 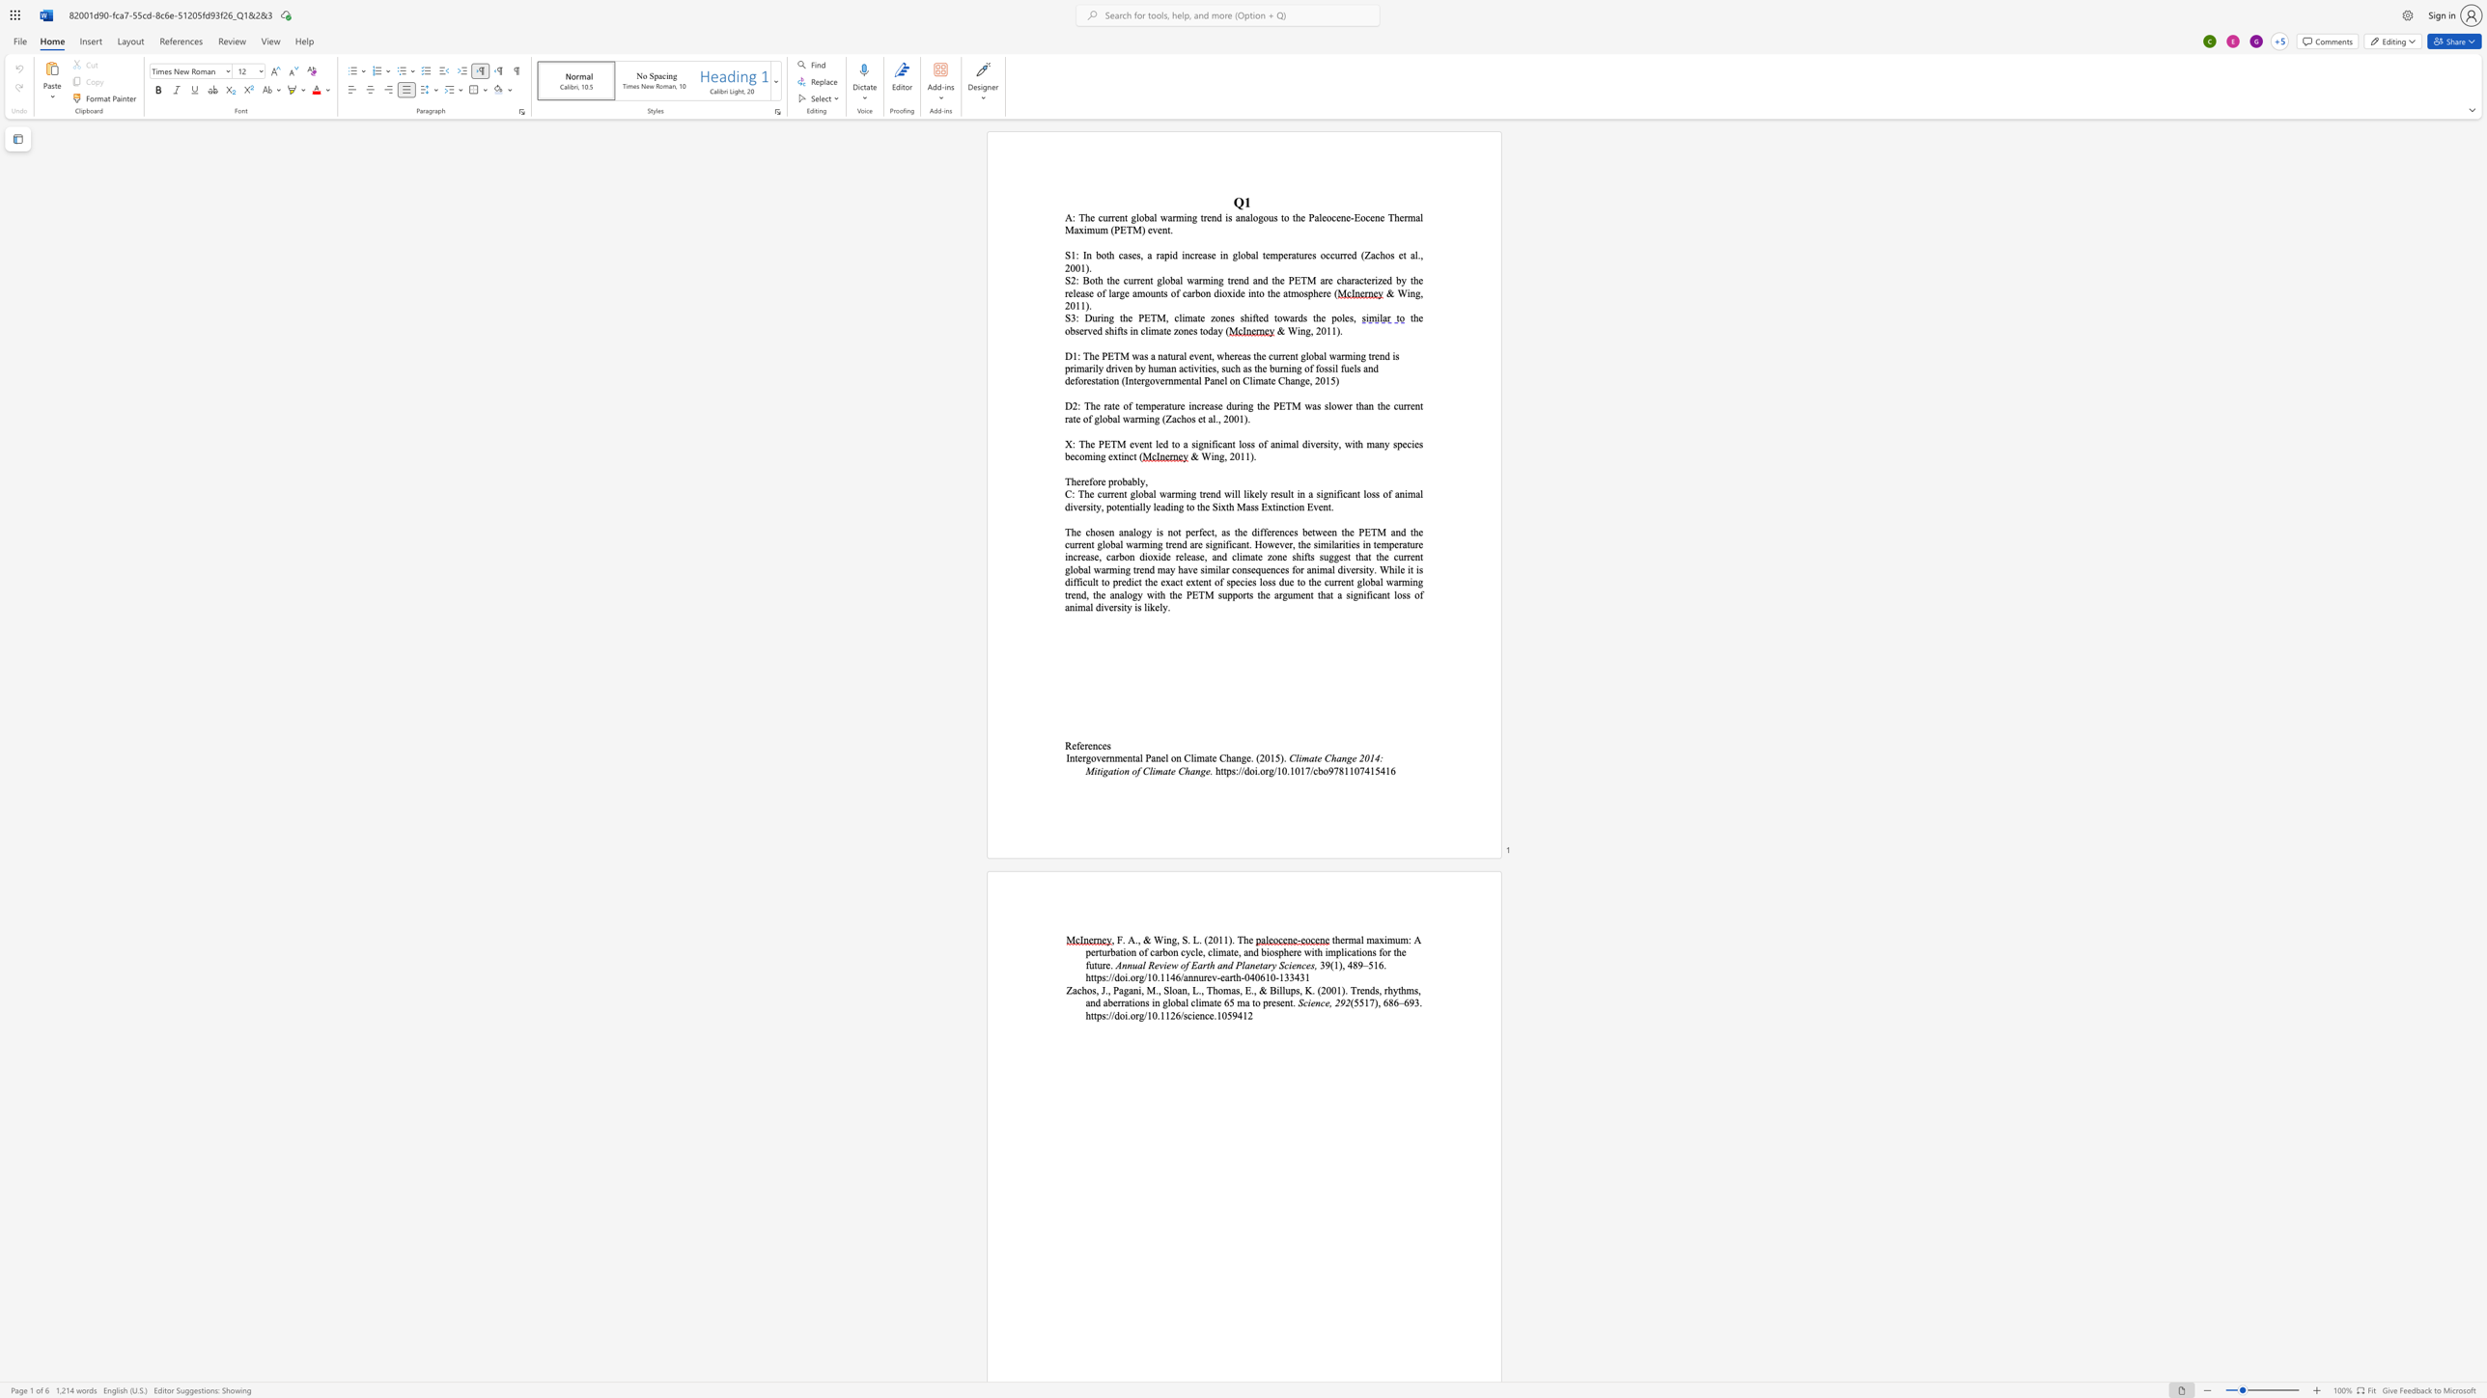 What do you see at coordinates (1142, 330) in the screenshot?
I see `the 1th character "c" in the text` at bounding box center [1142, 330].